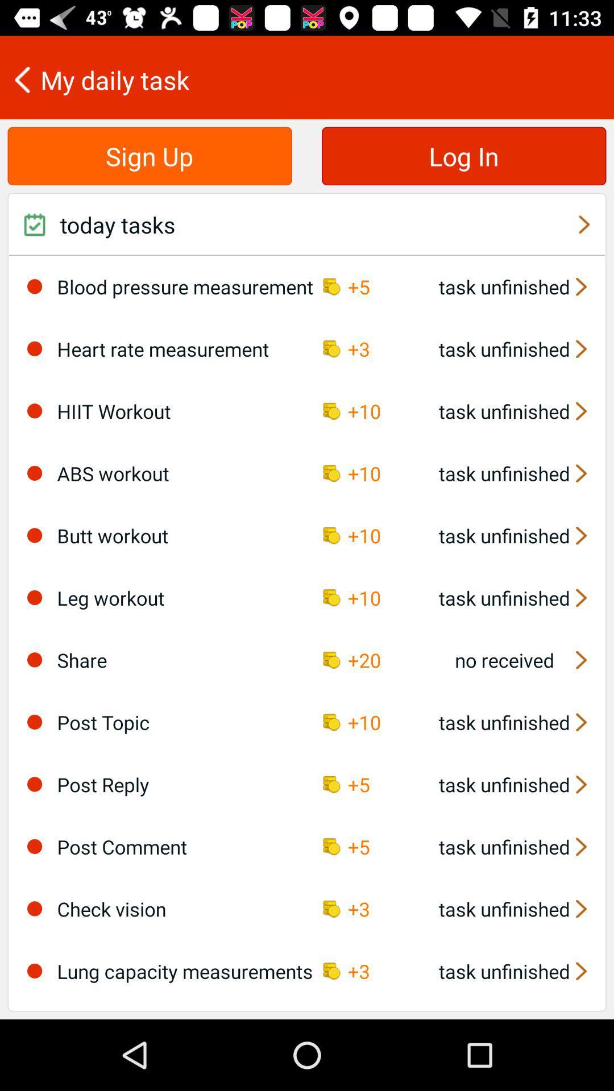  I want to click on check vision dot, so click(34, 908).